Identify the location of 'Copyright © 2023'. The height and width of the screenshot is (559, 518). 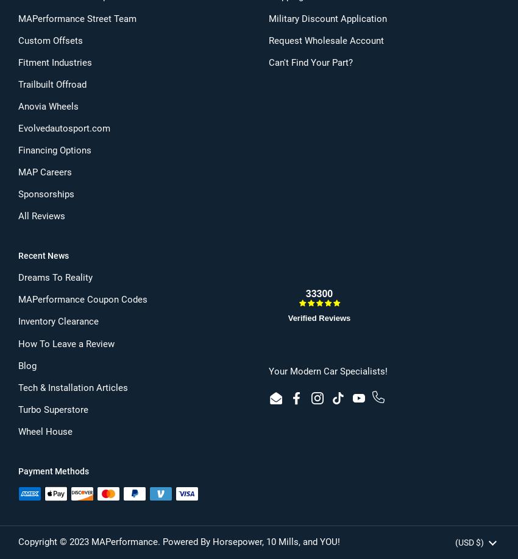
(54, 540).